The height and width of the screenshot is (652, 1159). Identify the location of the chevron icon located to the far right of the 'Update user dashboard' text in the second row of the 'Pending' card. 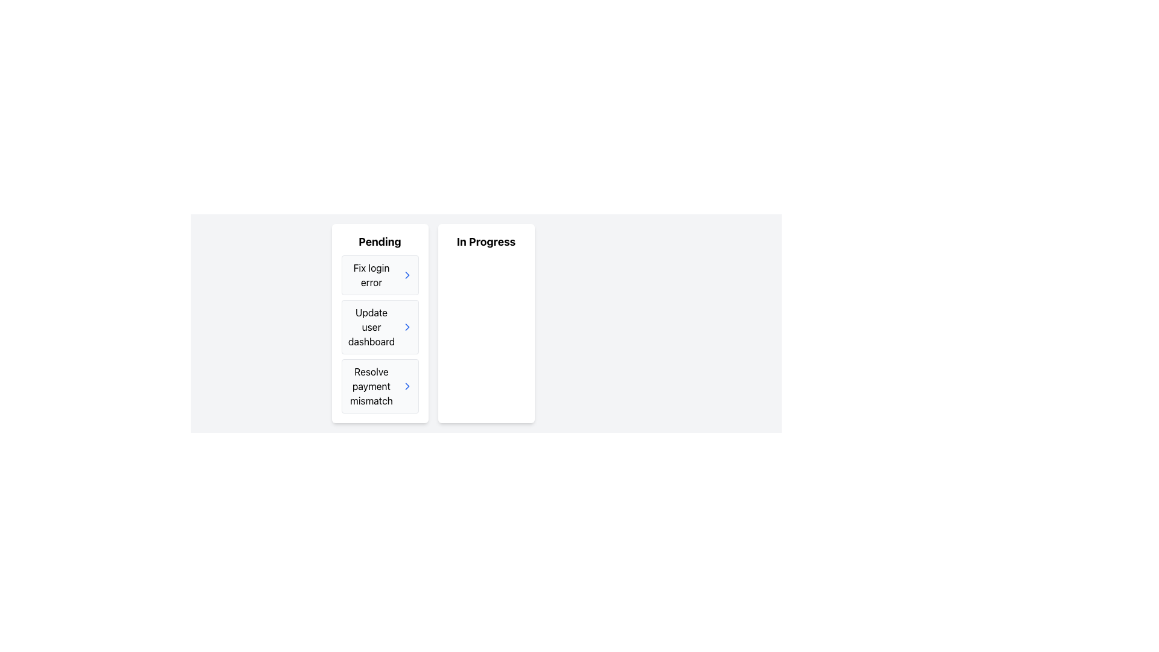
(407, 327).